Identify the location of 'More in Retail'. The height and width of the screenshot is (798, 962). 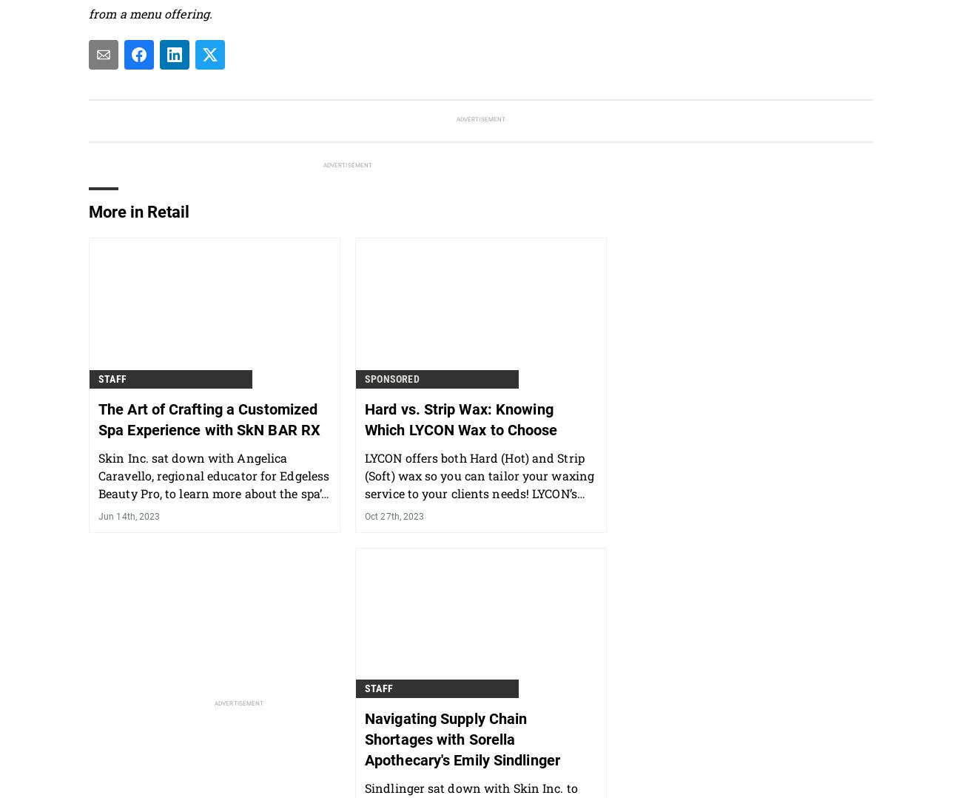
(138, 211).